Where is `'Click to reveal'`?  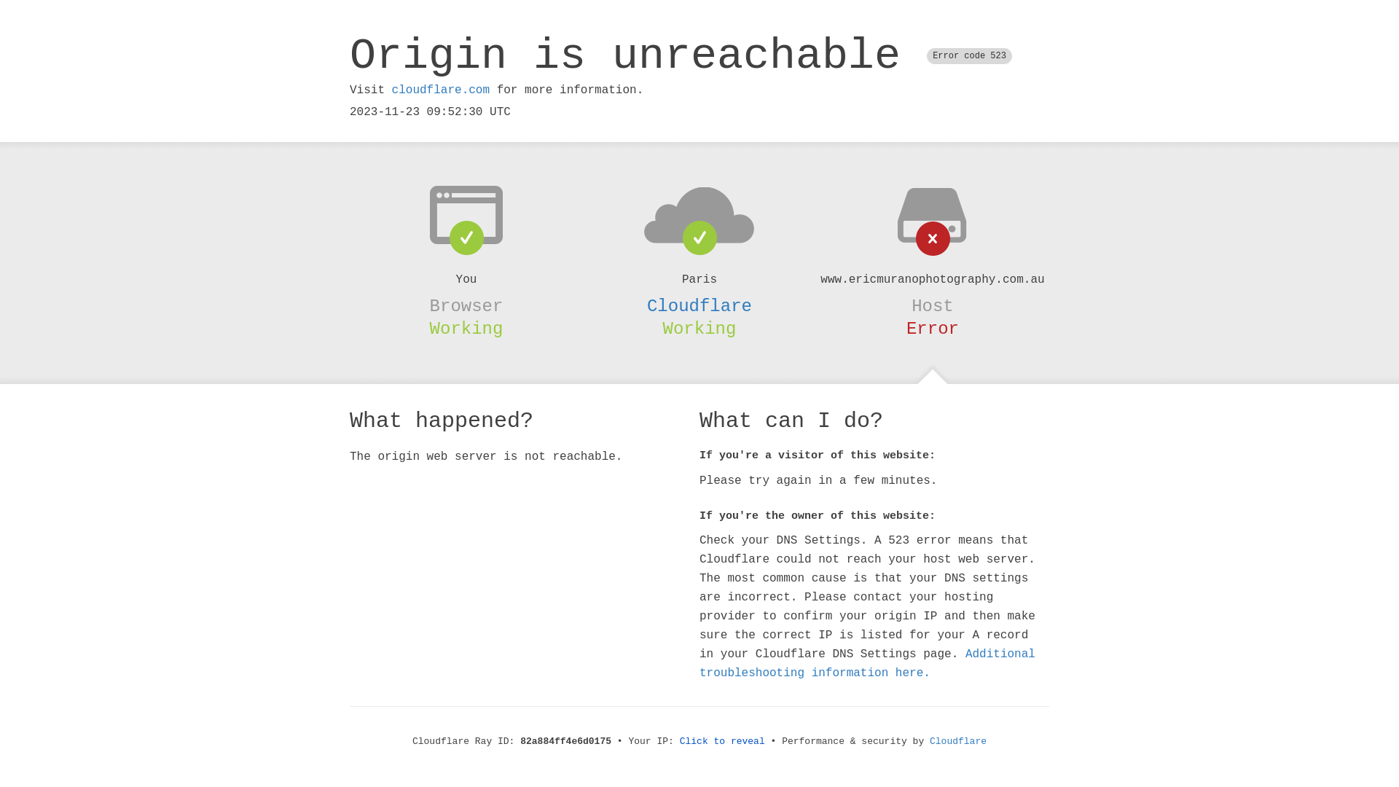 'Click to reveal' is located at coordinates (722, 741).